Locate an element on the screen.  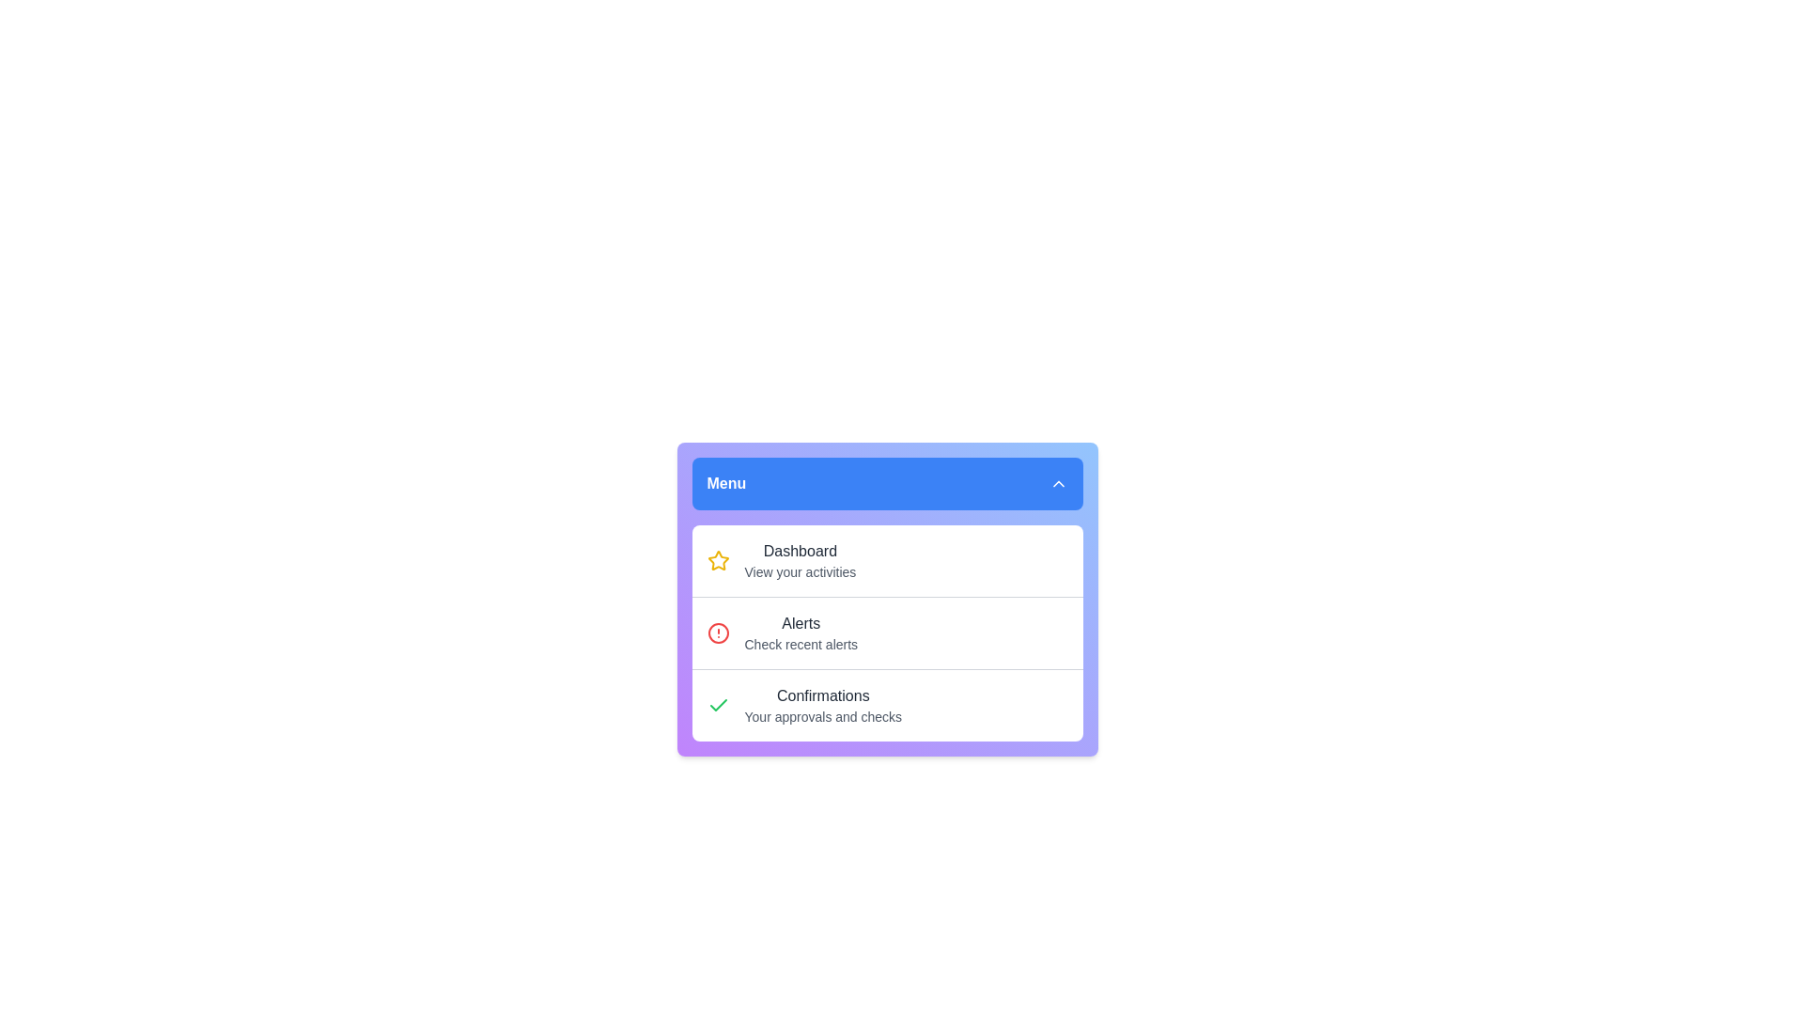
the 'Confirmations' menu item, which features a green-check icon on the left and bolded text is located at coordinates (886, 705).